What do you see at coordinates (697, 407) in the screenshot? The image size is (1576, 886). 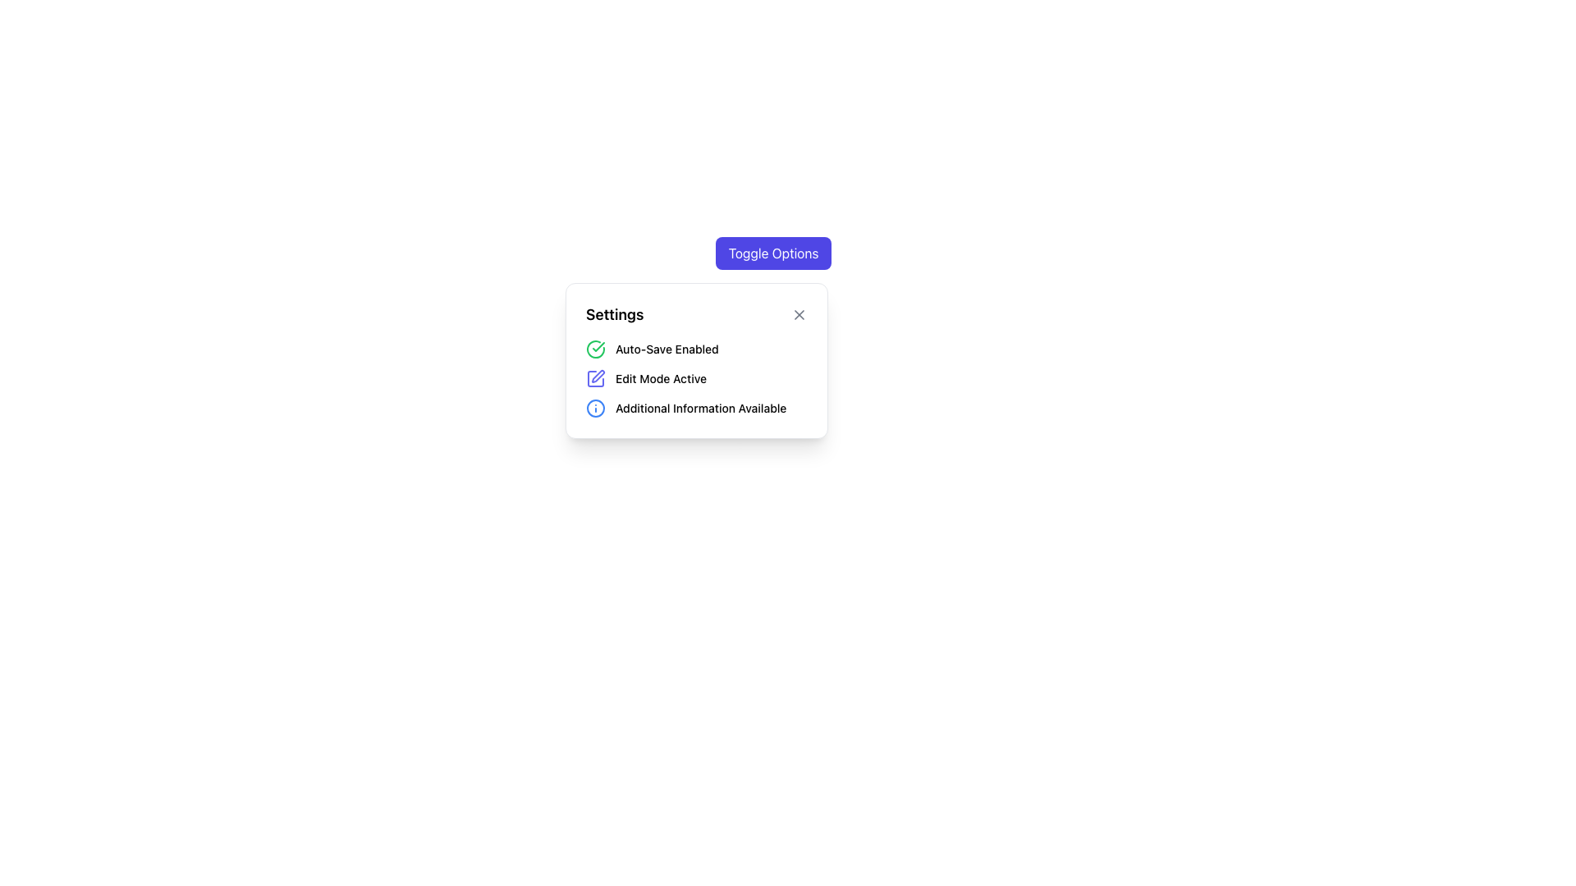 I see `the 'Additional Information Available' text label with icon, which features a blue circular icon with an 'i' symbol, positioned below the 'Edit Mode Active' row in the settings panel` at bounding box center [697, 407].